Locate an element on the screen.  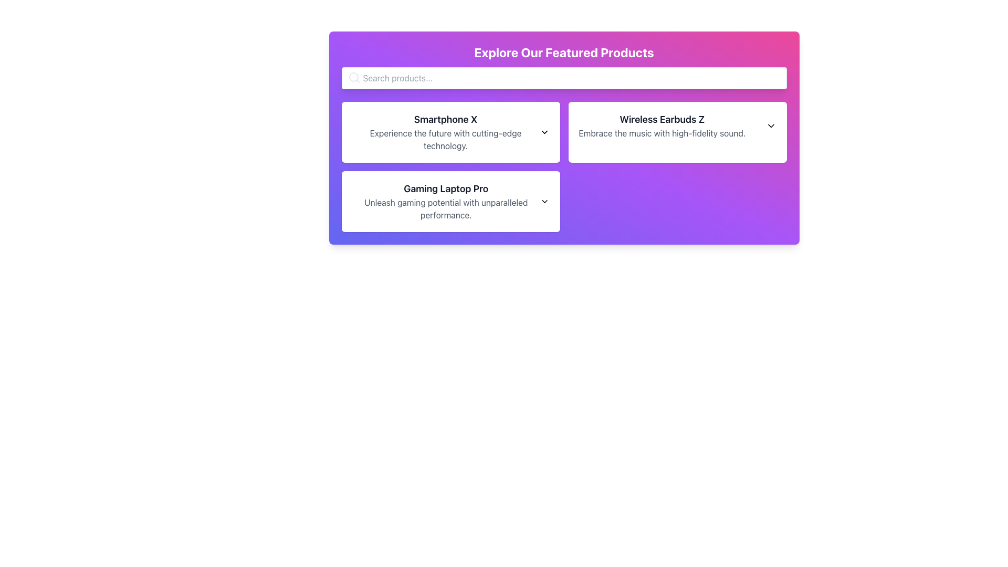
the small downward-pointing chevron icon located on the right side of the 'Gaming Laptop Pro' section is located at coordinates (544, 202).